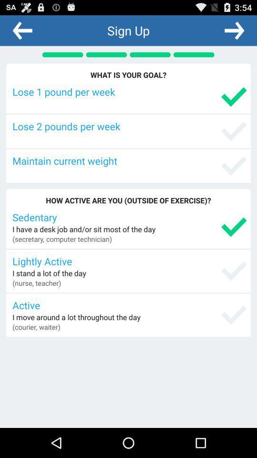 This screenshot has width=257, height=458. What do you see at coordinates (22, 30) in the screenshot?
I see `the app next to the sign up icon` at bounding box center [22, 30].